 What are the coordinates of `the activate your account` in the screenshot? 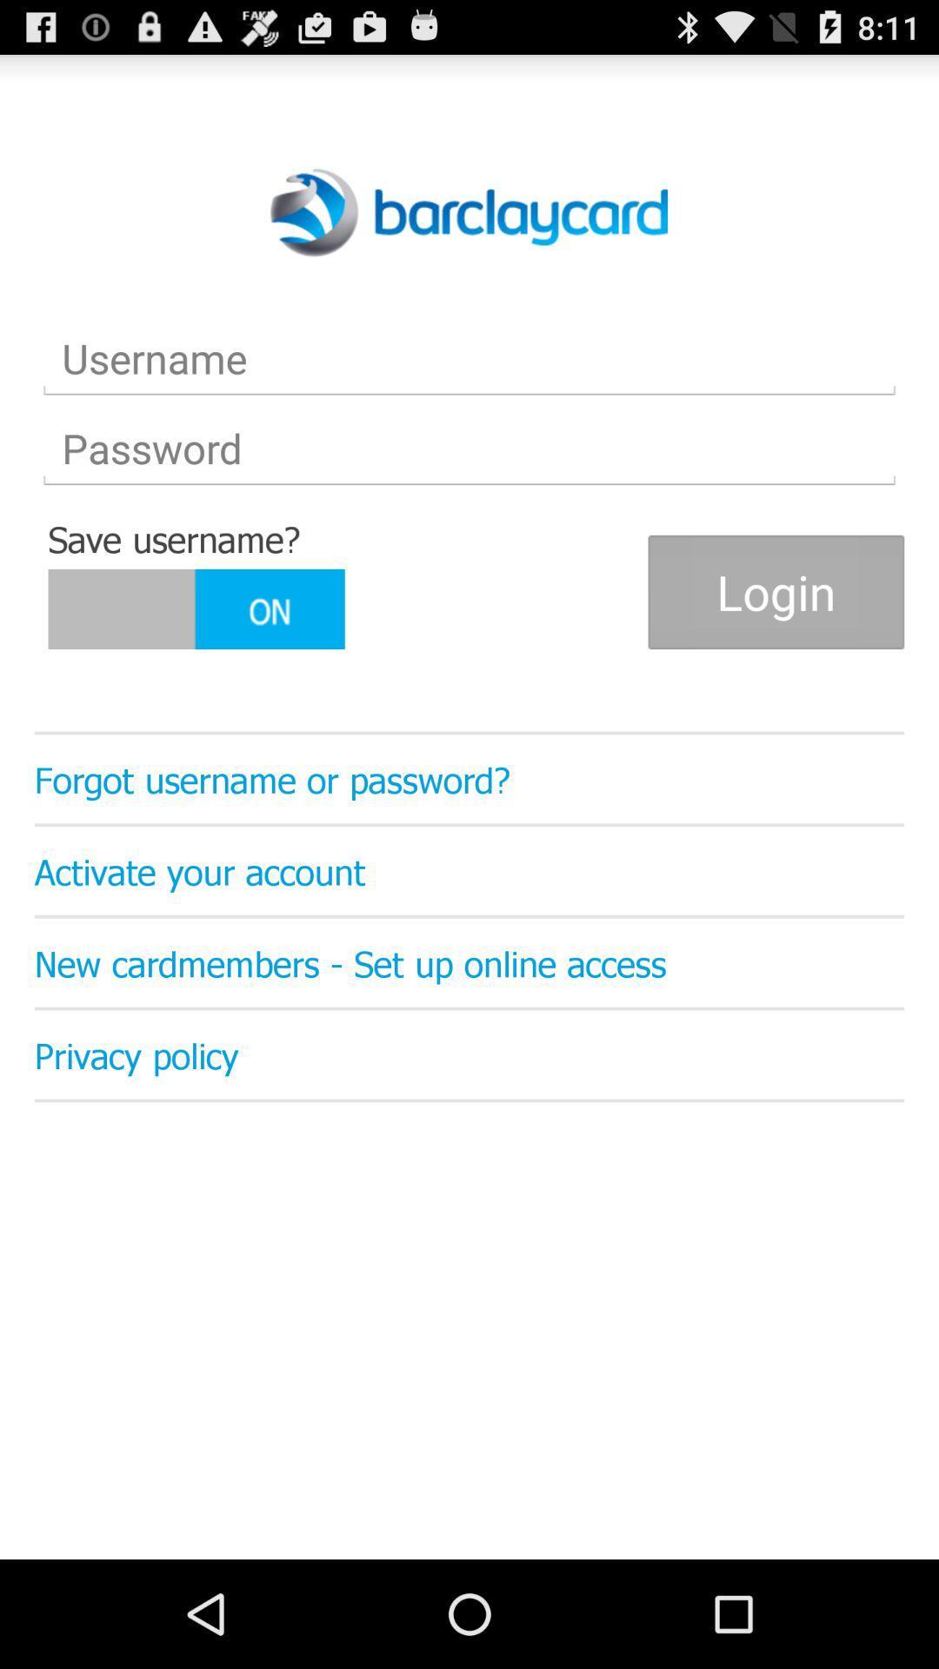 It's located at (469, 871).